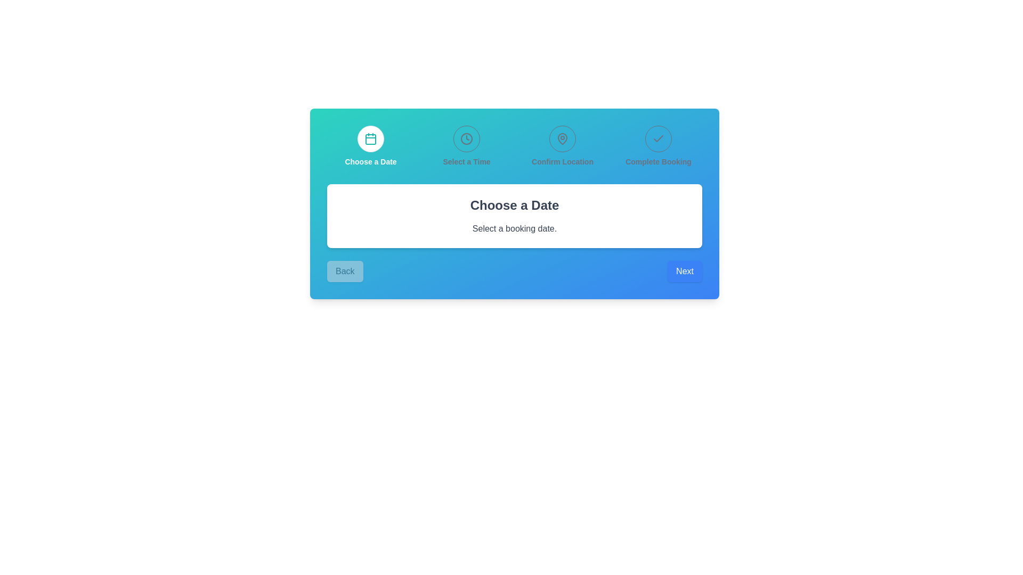  Describe the element at coordinates (466, 138) in the screenshot. I see `properties of the circular icon representing 'Select a Time' in the SVG clock icon located on the navigation bar` at that location.